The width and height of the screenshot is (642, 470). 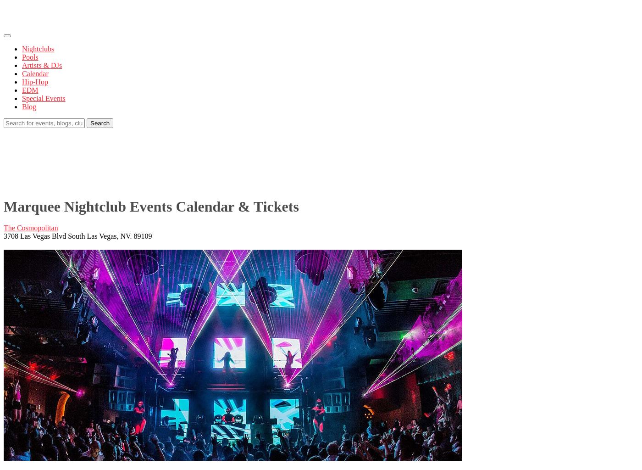 What do you see at coordinates (22, 48) in the screenshot?
I see `'Nightclubs'` at bounding box center [22, 48].